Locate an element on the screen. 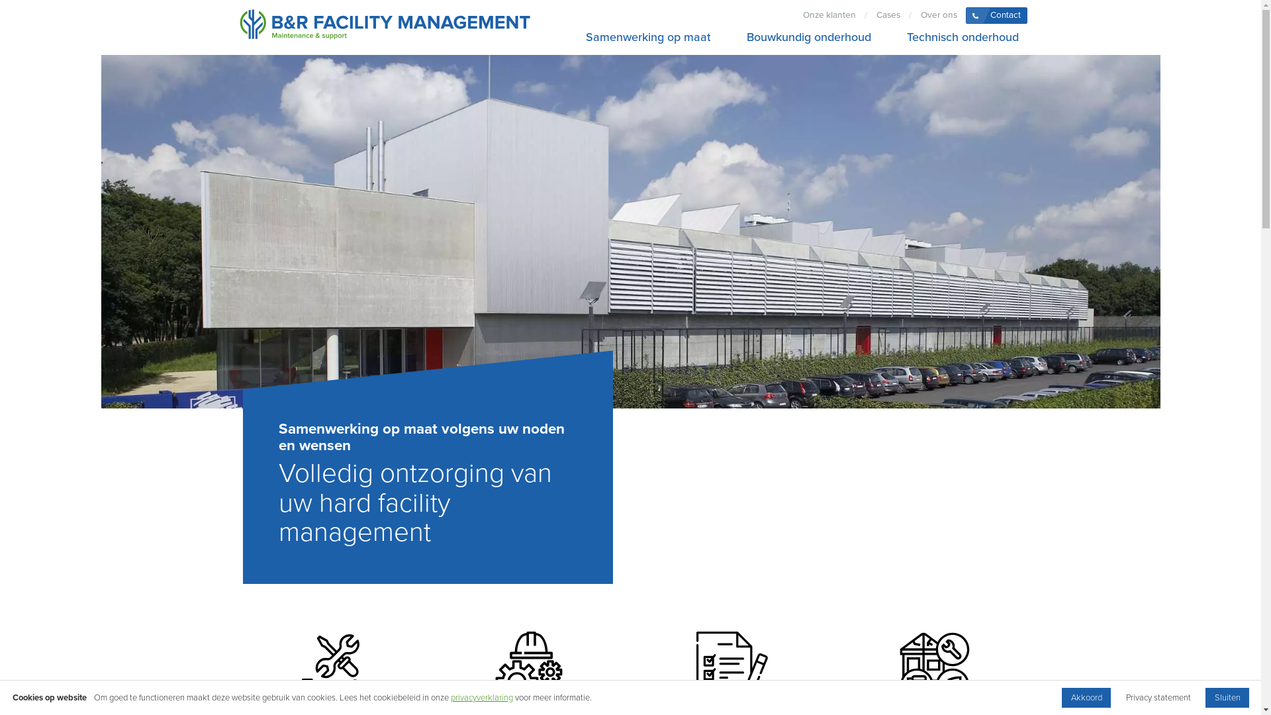  'Akkoord' is located at coordinates (1061, 696).